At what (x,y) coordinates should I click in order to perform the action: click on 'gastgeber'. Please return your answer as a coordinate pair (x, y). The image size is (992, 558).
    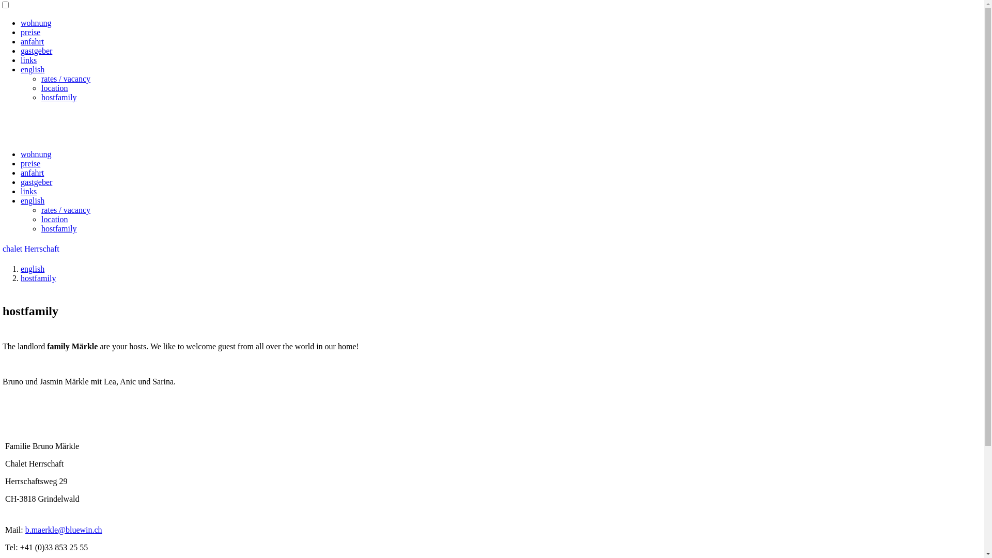
    Looking at the image, I should click on (36, 51).